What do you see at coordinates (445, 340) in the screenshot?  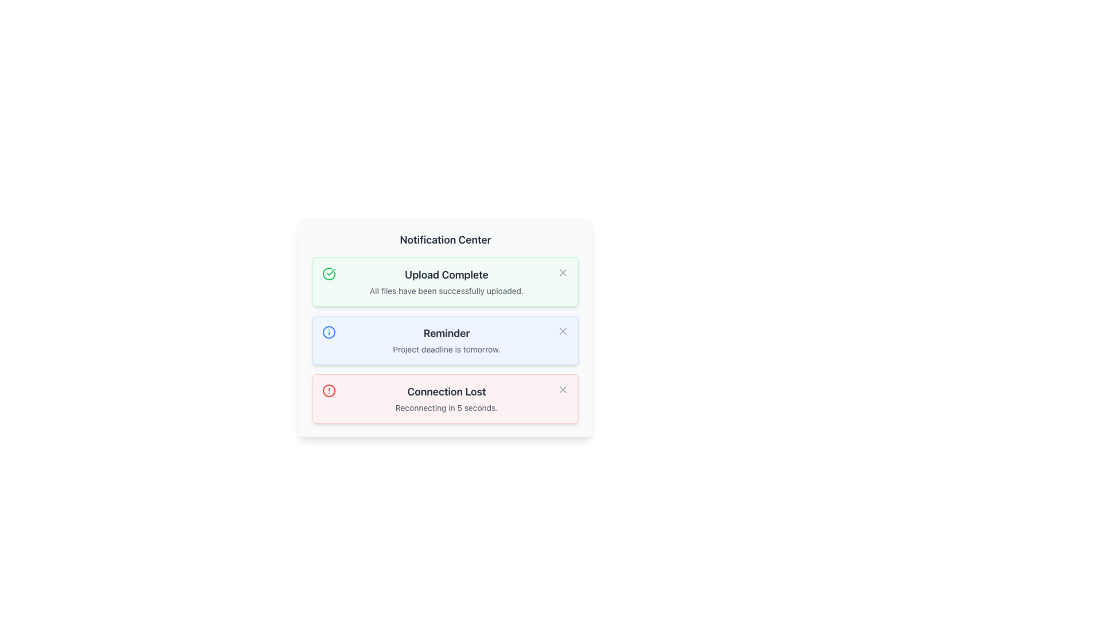 I see `the second notification card in the Notification Center that reminds the user about an upcoming project deadline` at bounding box center [445, 340].